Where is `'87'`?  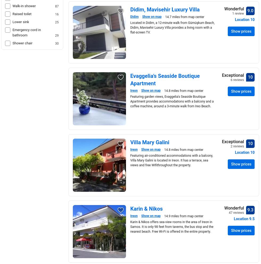
'87' is located at coordinates (56, 6).